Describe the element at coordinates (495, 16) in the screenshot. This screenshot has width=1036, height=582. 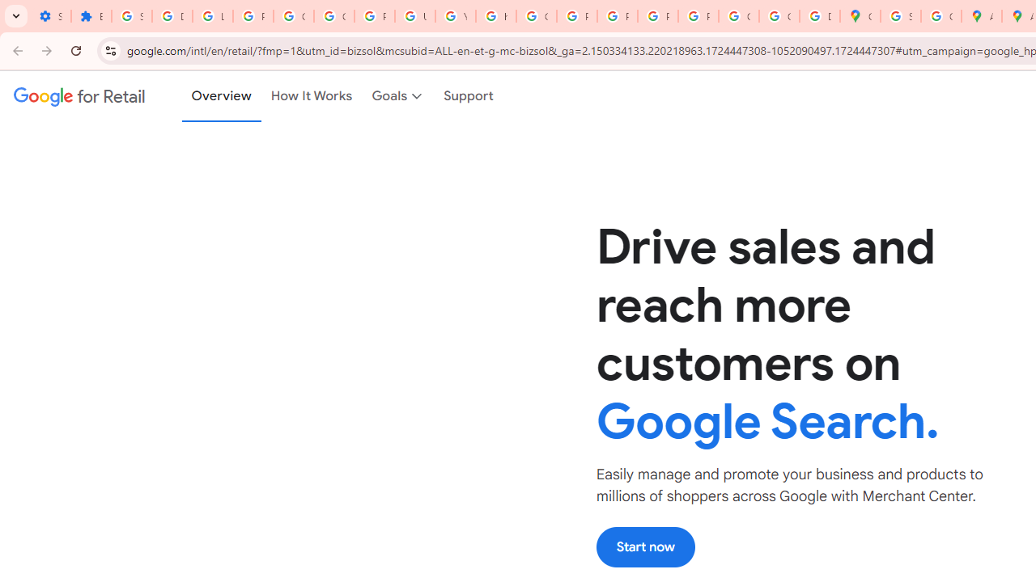
I see `'https://scholar.google.com/'` at that location.